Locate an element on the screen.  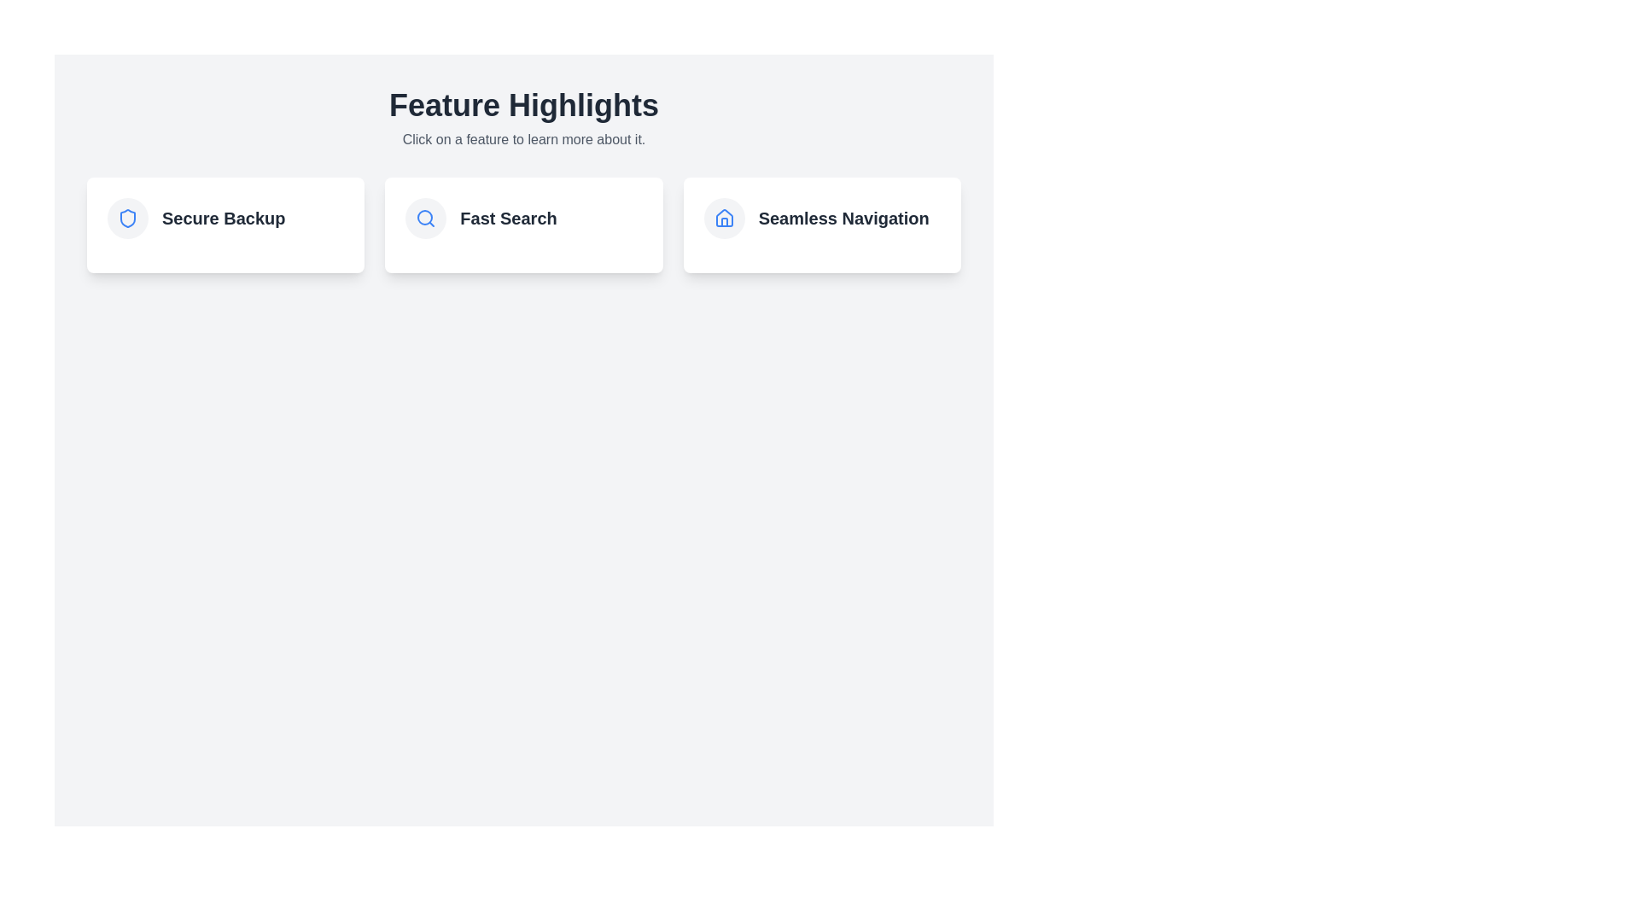
text content of the 'Fast Search' label located in the central card, which is to the right of the magnifying glass icon is located at coordinates (507, 217).